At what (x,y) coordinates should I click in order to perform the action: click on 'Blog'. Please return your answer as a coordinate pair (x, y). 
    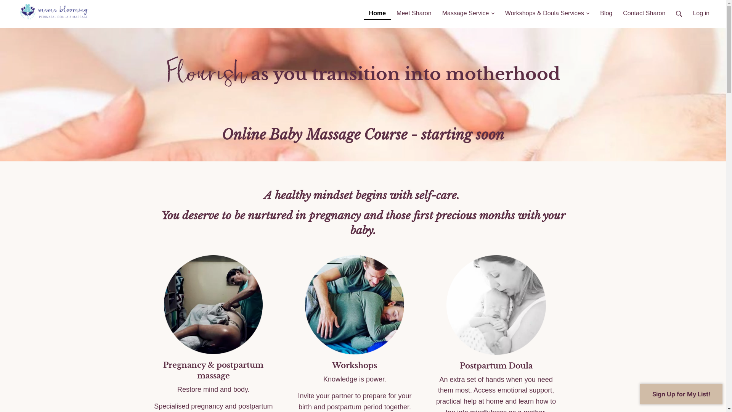
    Looking at the image, I should click on (605, 10).